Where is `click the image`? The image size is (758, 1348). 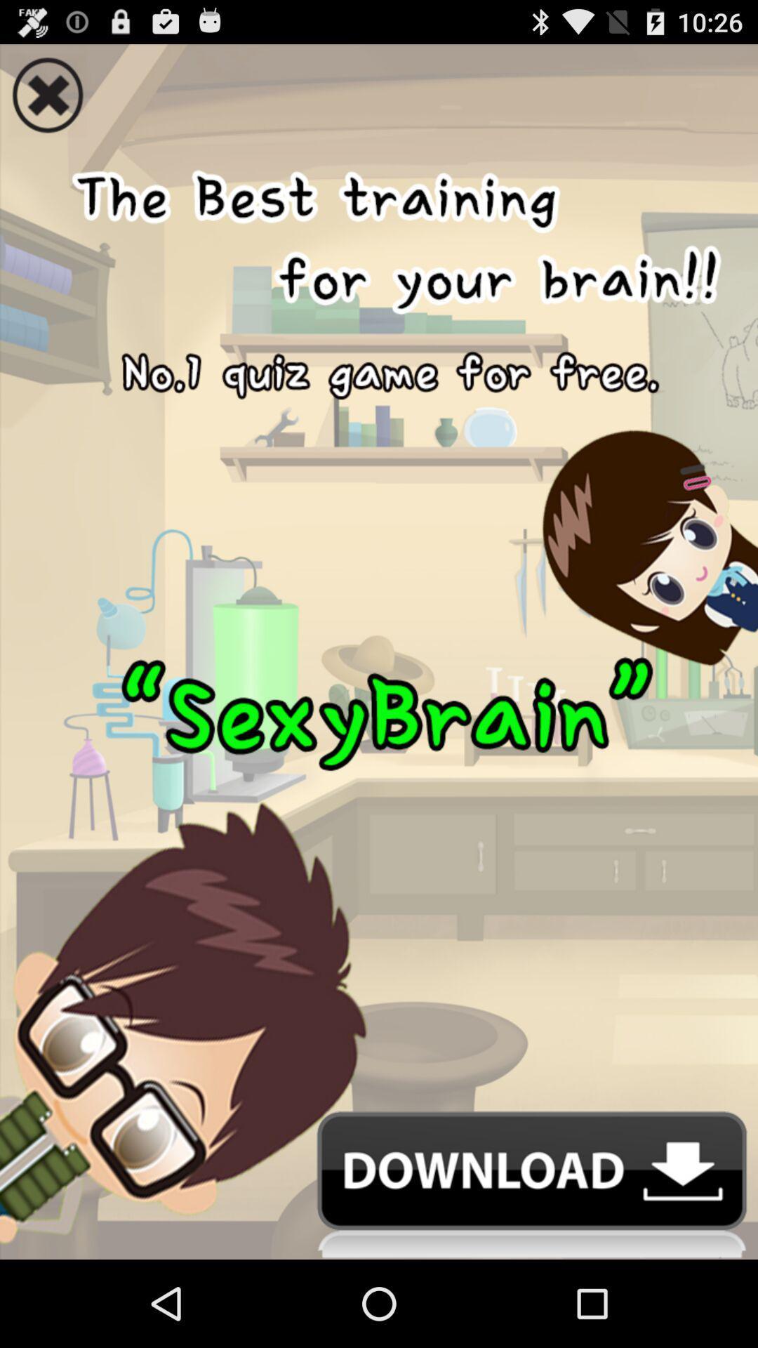 click the image is located at coordinates (379, 623).